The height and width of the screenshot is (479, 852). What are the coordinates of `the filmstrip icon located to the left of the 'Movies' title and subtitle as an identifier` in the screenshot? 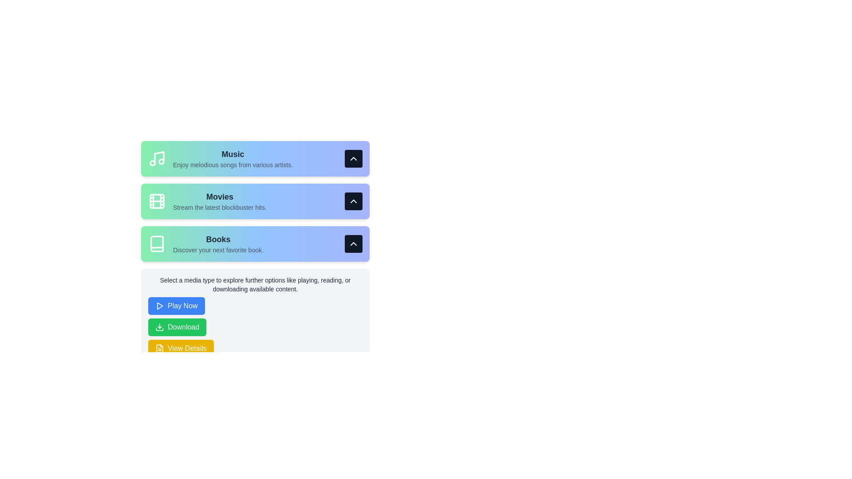 It's located at (157, 201).